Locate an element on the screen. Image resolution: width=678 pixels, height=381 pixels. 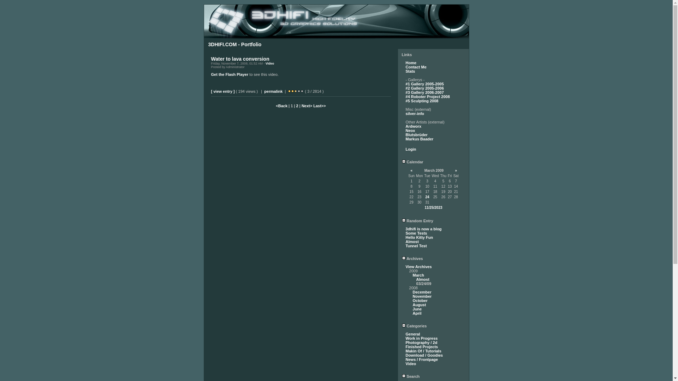
'Download / Goodies' is located at coordinates (424, 355).